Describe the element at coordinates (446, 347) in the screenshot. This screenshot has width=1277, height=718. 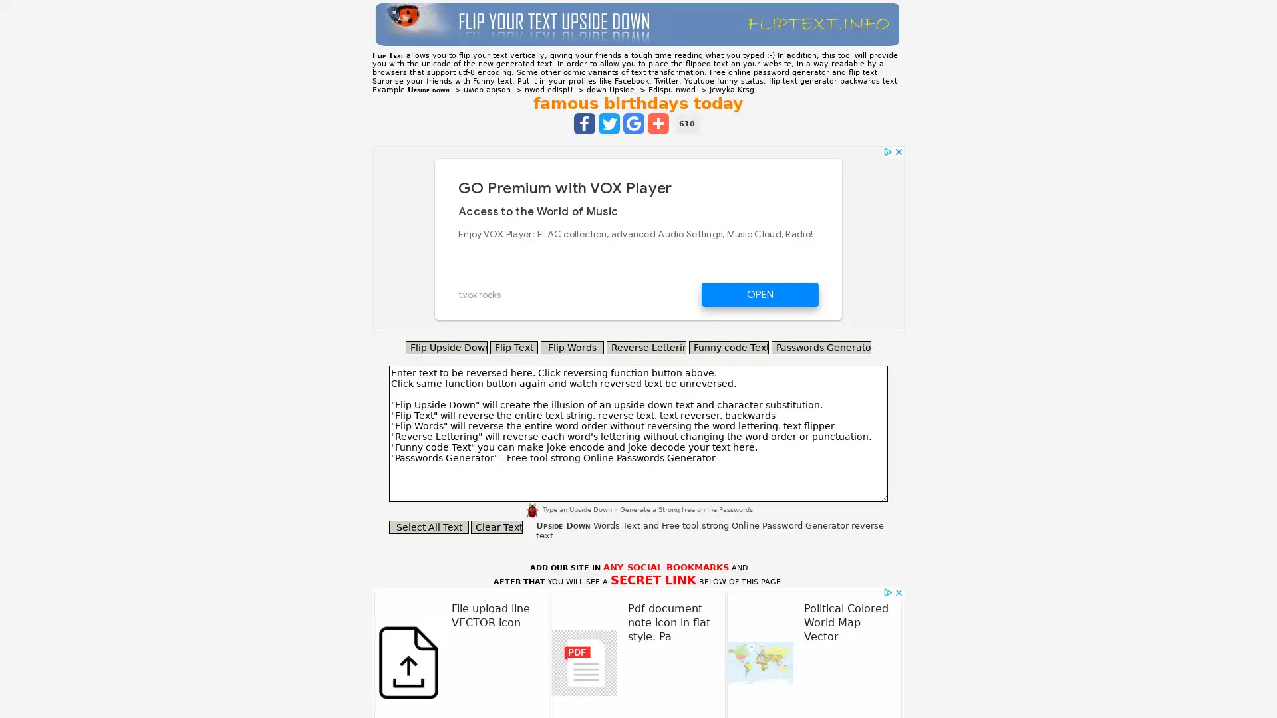
I see `Flip Upside Down` at that location.